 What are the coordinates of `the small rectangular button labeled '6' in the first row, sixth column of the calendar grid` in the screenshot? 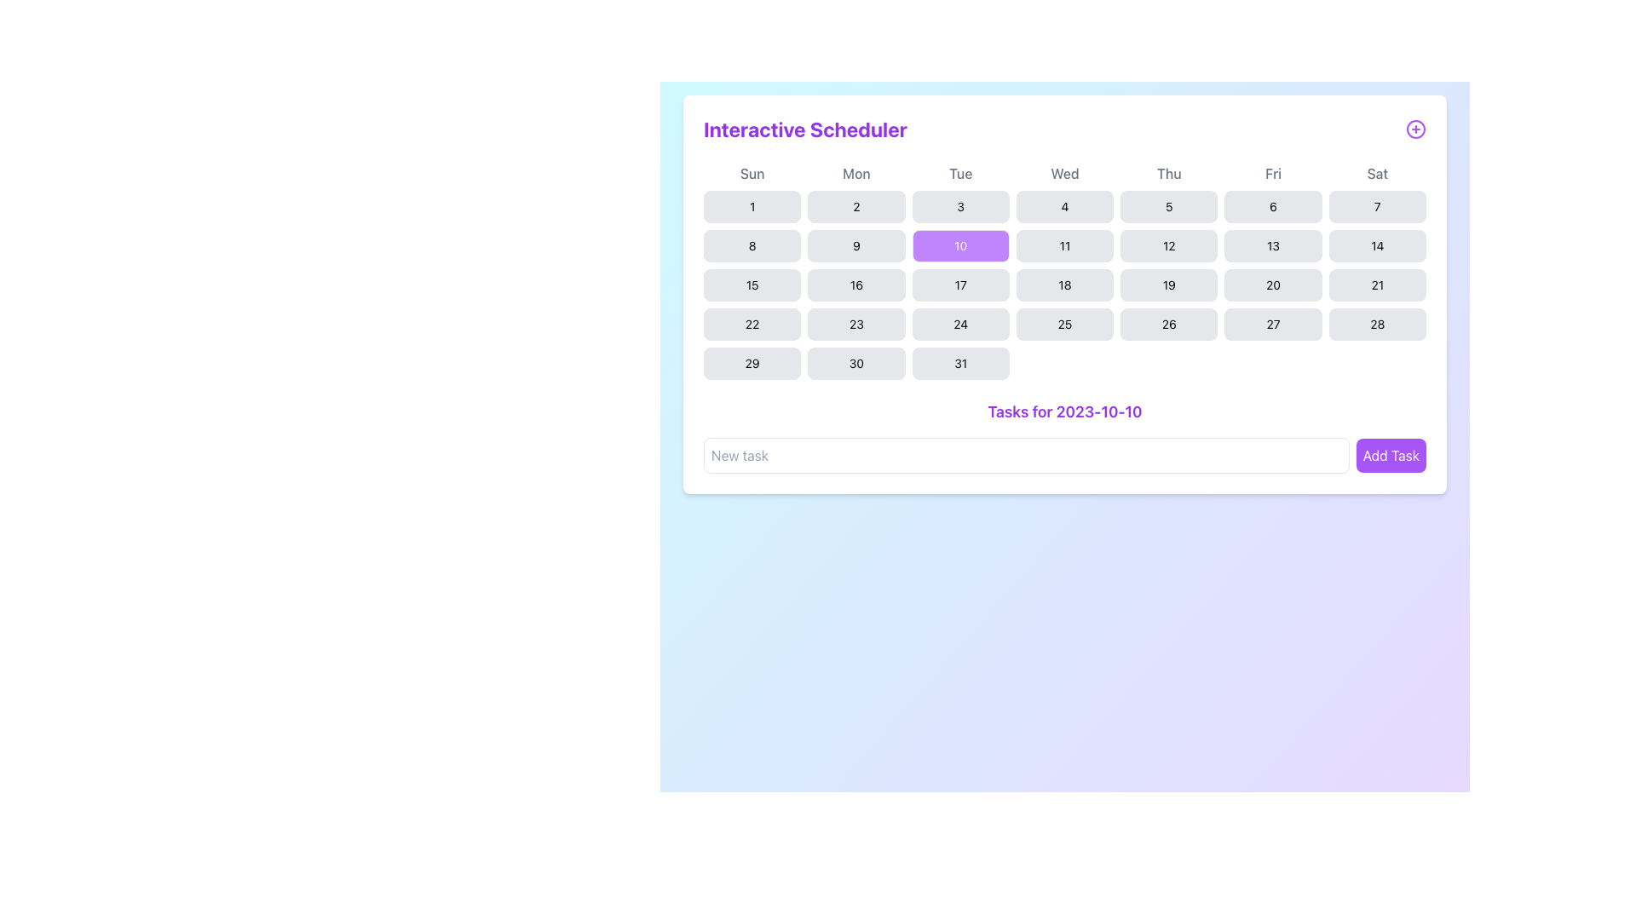 It's located at (1273, 206).